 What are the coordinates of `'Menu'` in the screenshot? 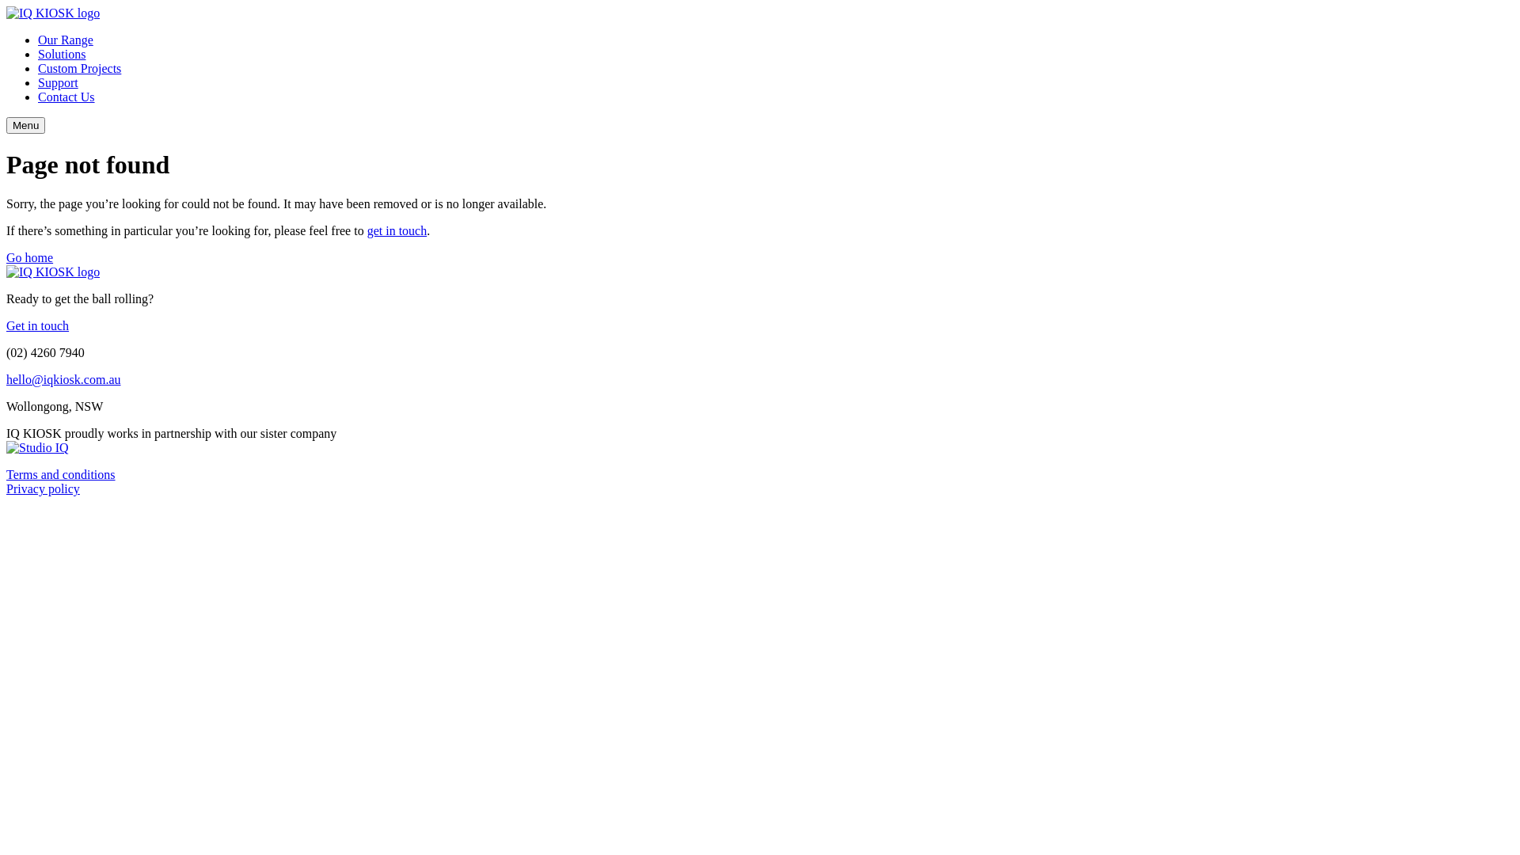 It's located at (25, 124).